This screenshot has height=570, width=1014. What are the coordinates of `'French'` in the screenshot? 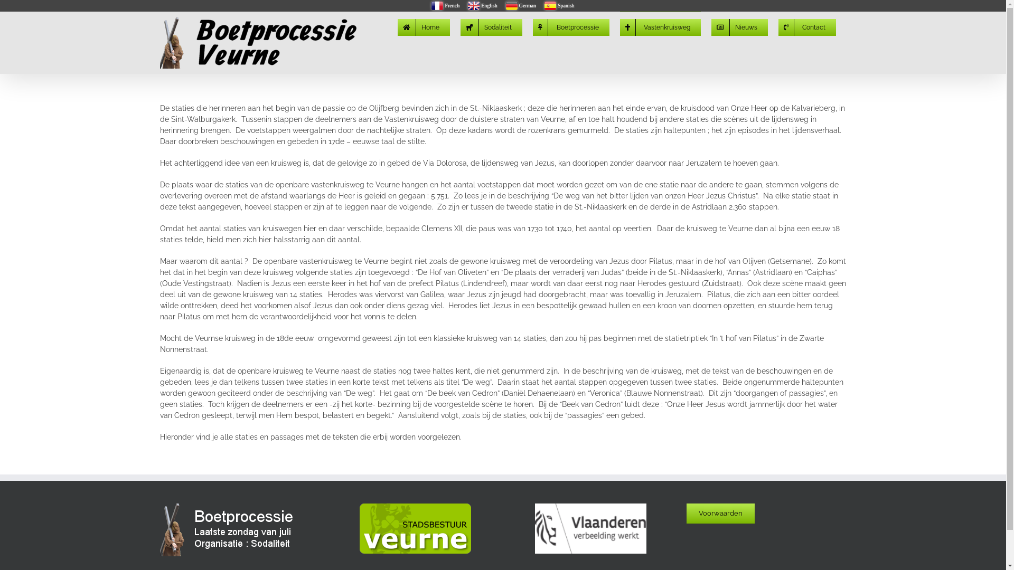 It's located at (445, 6).